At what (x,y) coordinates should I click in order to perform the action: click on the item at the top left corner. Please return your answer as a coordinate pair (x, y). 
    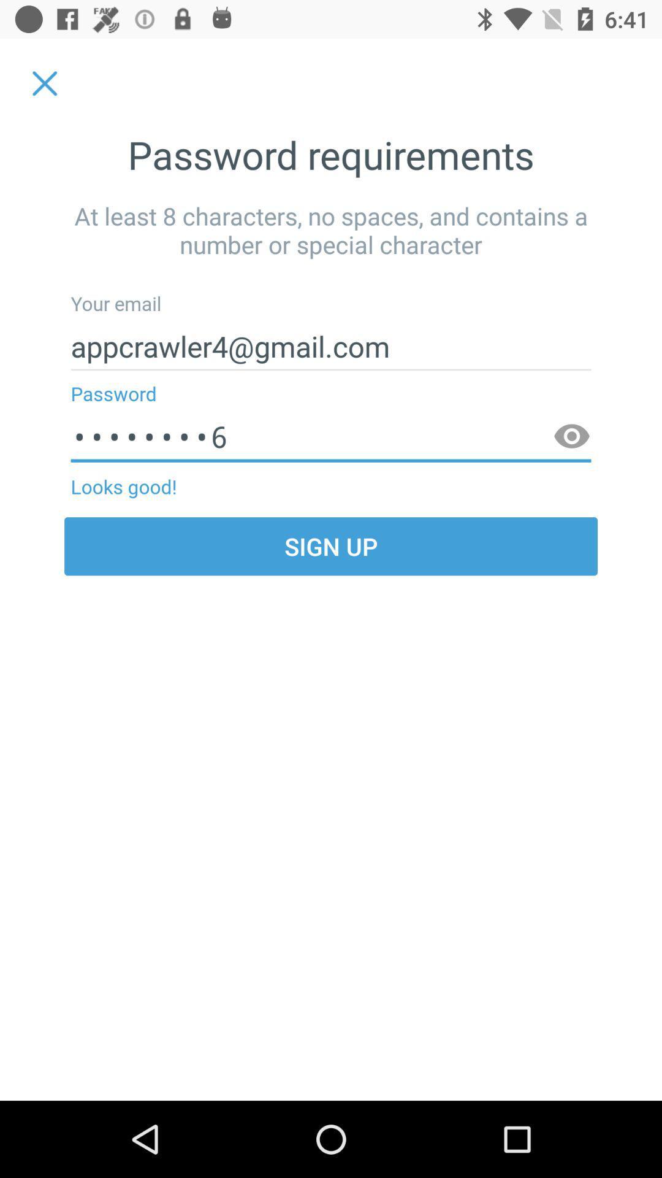
    Looking at the image, I should click on (44, 83).